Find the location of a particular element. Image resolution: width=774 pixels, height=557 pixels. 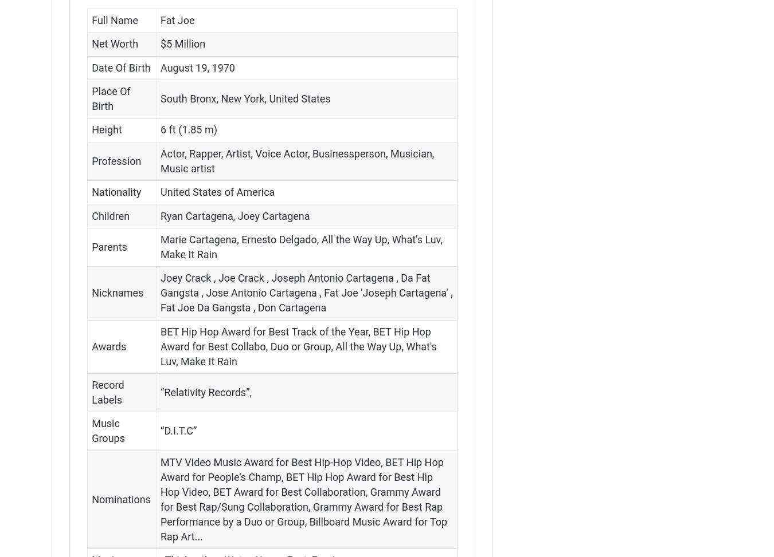

'Nicknames' is located at coordinates (91, 292).